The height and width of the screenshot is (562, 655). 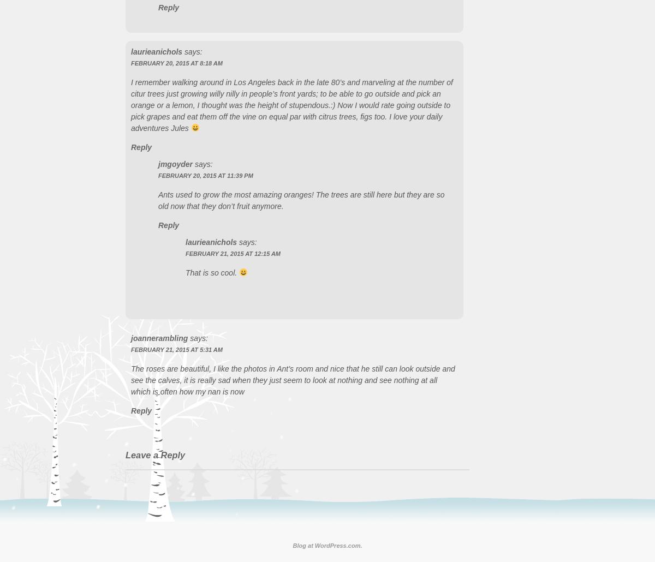 I want to click on 'The roses are beautiful, I like the photos in Ant’s room and nice that he still can look outside and see the calves, it is really sad when they just seem to look at nothing and see nothing at all which is often how my nan is now', so click(x=292, y=379).